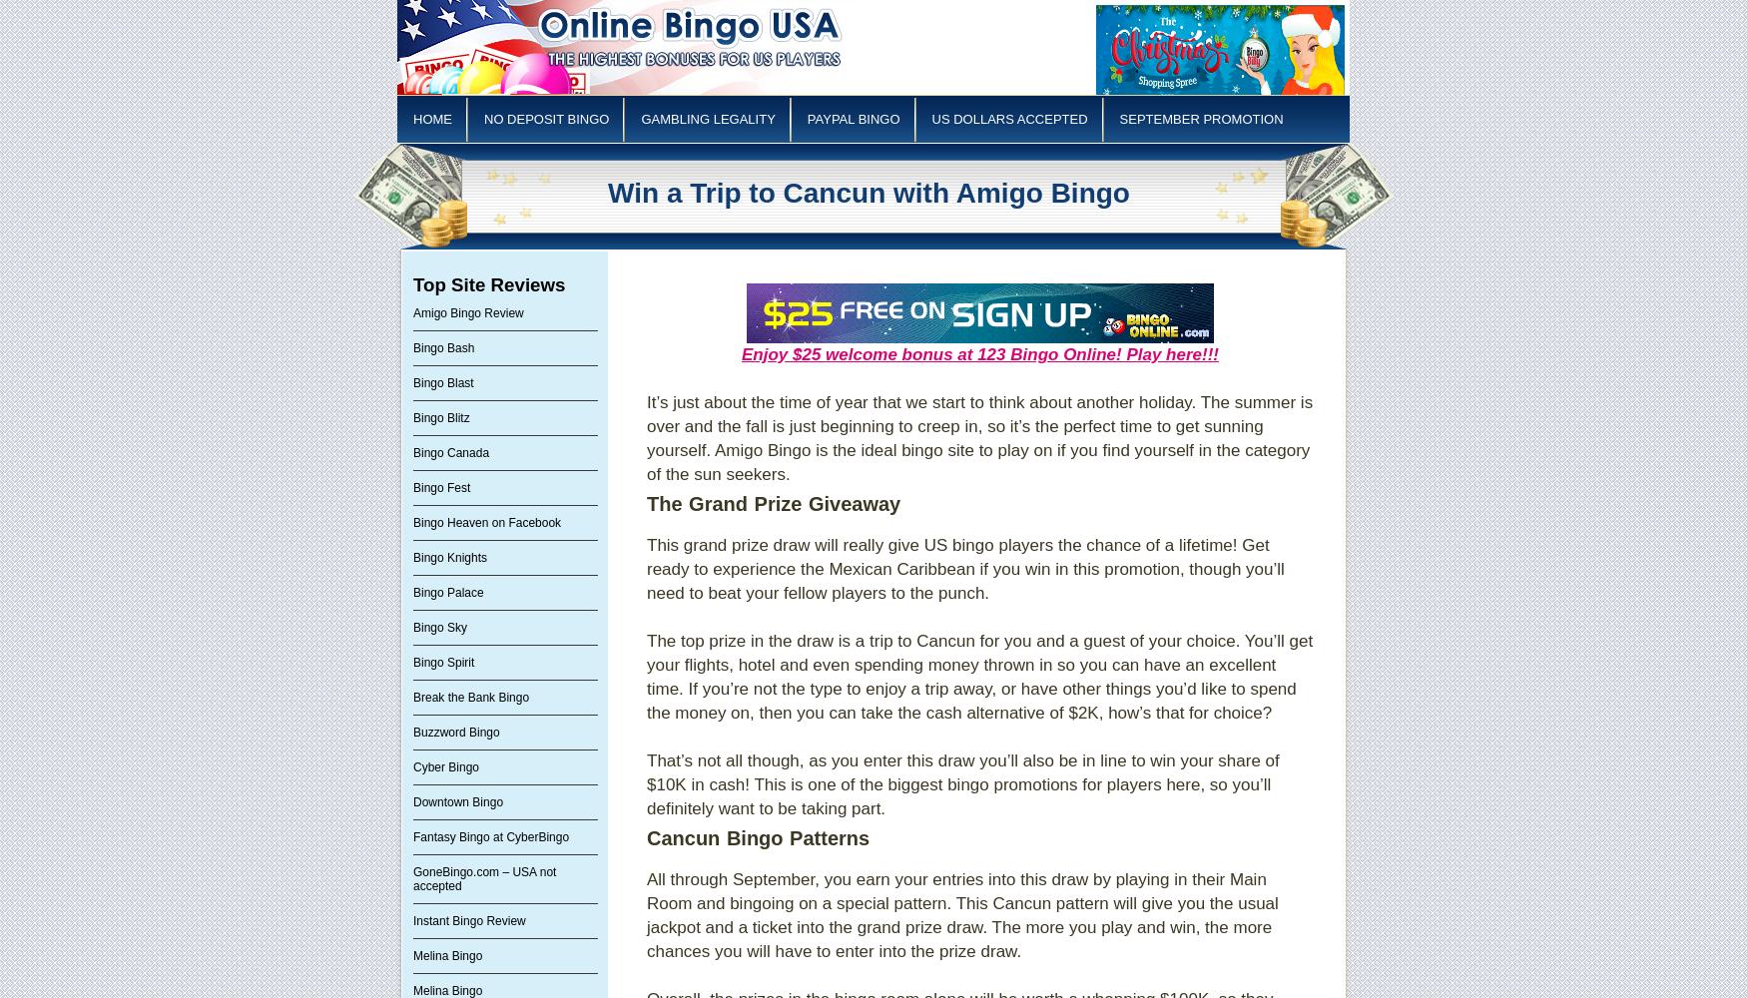 This screenshot has height=998, width=1747. I want to click on 'The top prize in the draw is a trip to Cancun for you and a guest of your choice. You’ll get your flights, hotel and even spending money thrown in so you can have an excellent time. If you’re not the type to enjoy a trip away, or have other things you’d like to spend the money on, then you can take the cash alternative of $2K, how’s that for choice?', so click(979, 677).